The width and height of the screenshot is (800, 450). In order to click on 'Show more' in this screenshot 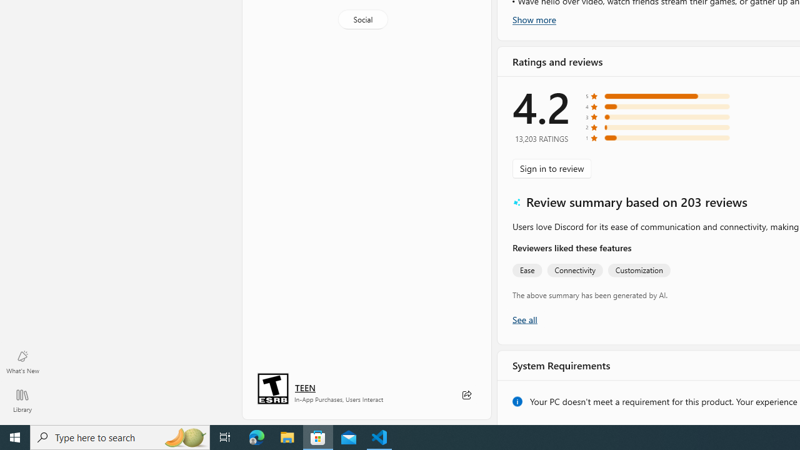, I will do `click(534, 19)`.